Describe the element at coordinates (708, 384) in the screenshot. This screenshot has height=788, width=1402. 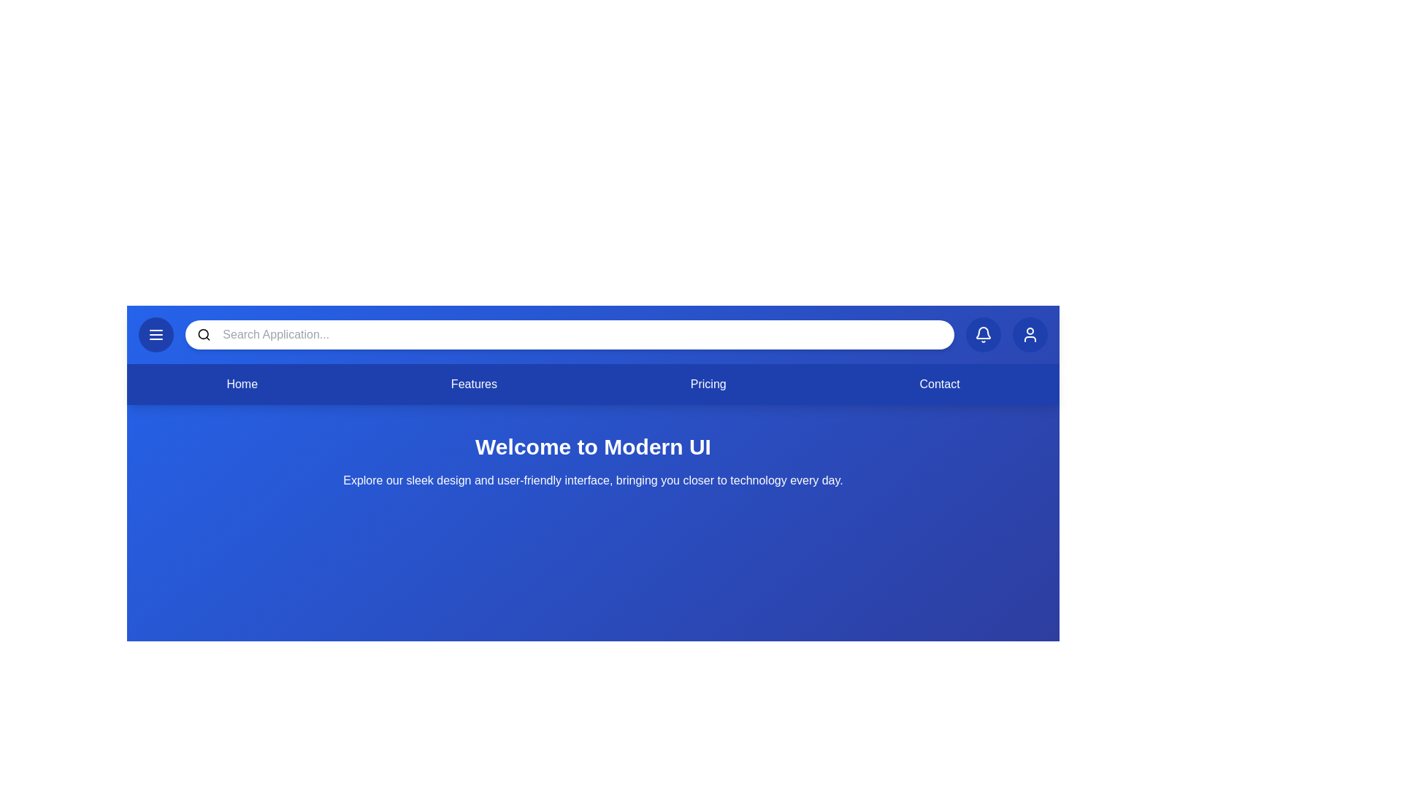
I see `the navigation link Pricing to access the corresponding section` at that location.